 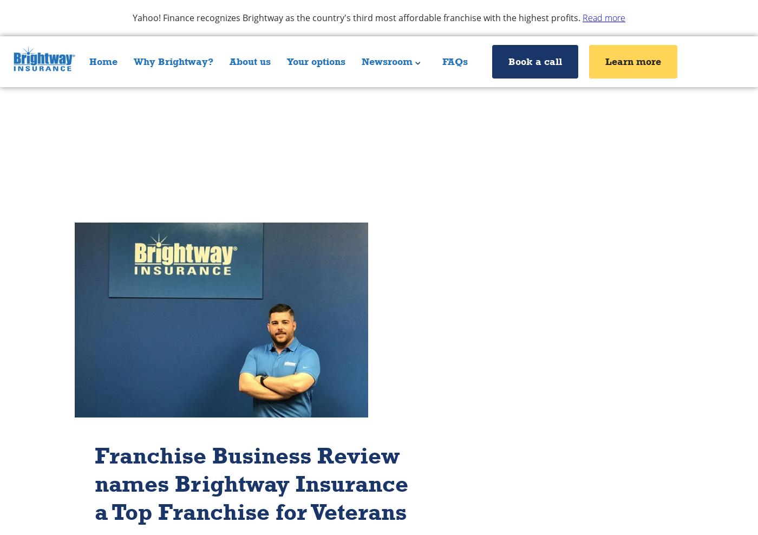 I want to click on 'Yahoo! Finance recognizes Brightway as the country's third most affordable franchise with the highest profits.', so click(x=357, y=17).